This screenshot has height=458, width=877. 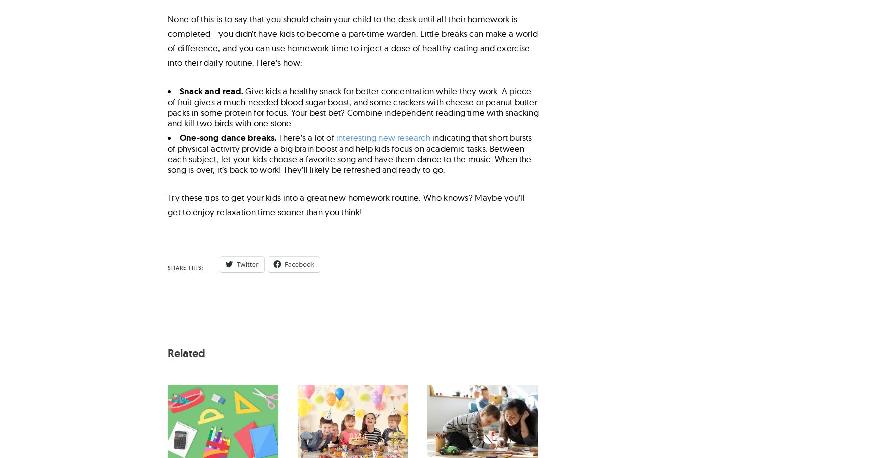 I want to click on 'None of this is to say that you should chain your child to the desk until all their homework is completed—you didn’t have kids to become a part-time warden. Little breaks can make a world of difference, and you can use homework time to inject a dose of healthy eating and exercise into their daily routine. Here’s how:', so click(x=353, y=39).